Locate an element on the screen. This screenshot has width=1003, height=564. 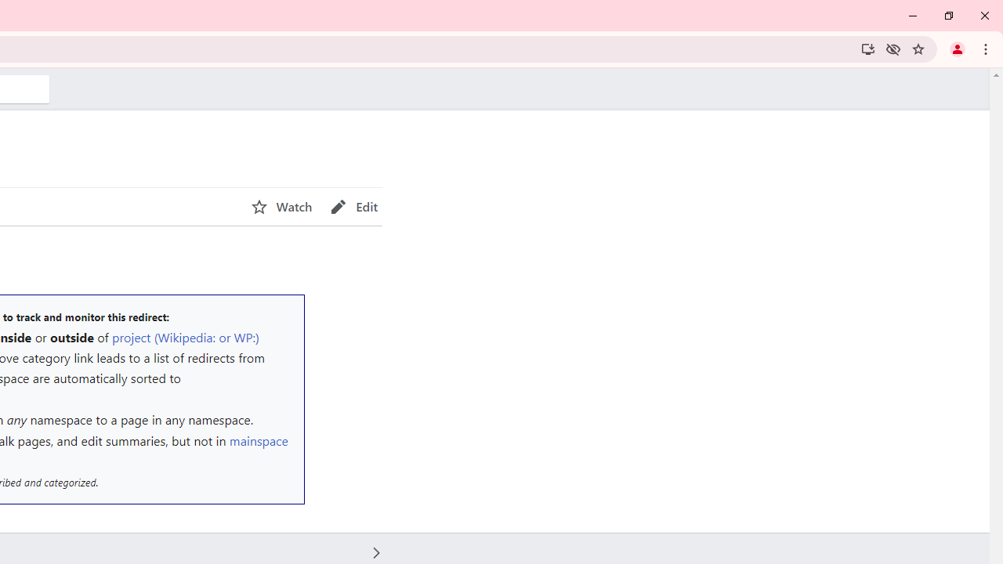
'Edit' is located at coordinates (353, 206).